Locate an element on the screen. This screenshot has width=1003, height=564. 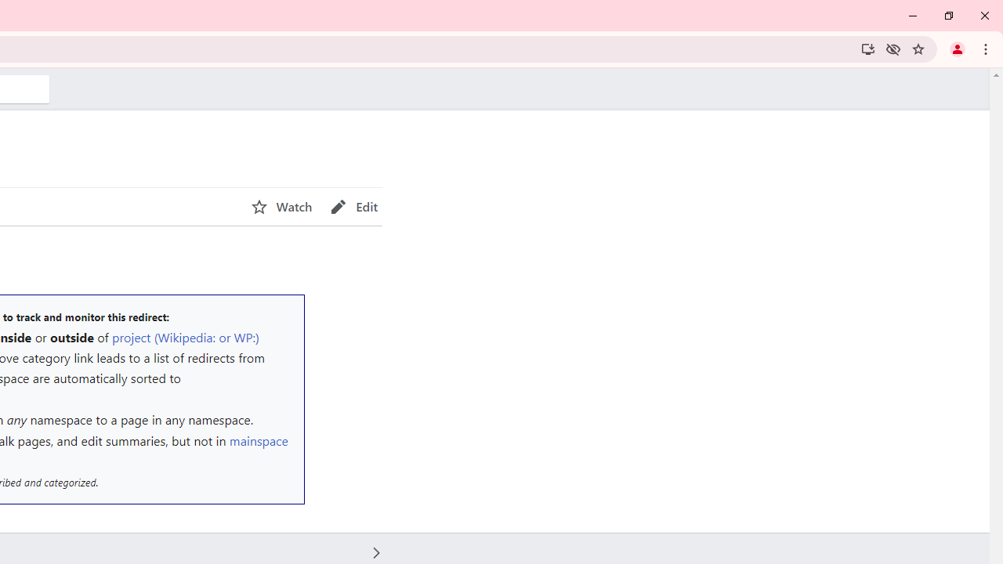
'Edit' is located at coordinates (353, 206).